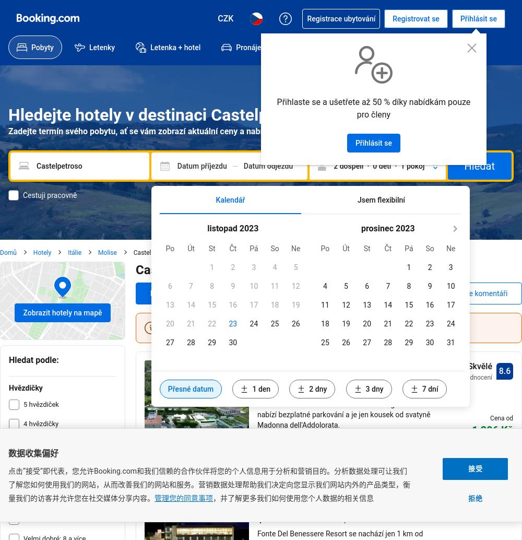 This screenshot has width=522, height=540. What do you see at coordinates (8, 251) in the screenshot?
I see `'Domů'` at bounding box center [8, 251].